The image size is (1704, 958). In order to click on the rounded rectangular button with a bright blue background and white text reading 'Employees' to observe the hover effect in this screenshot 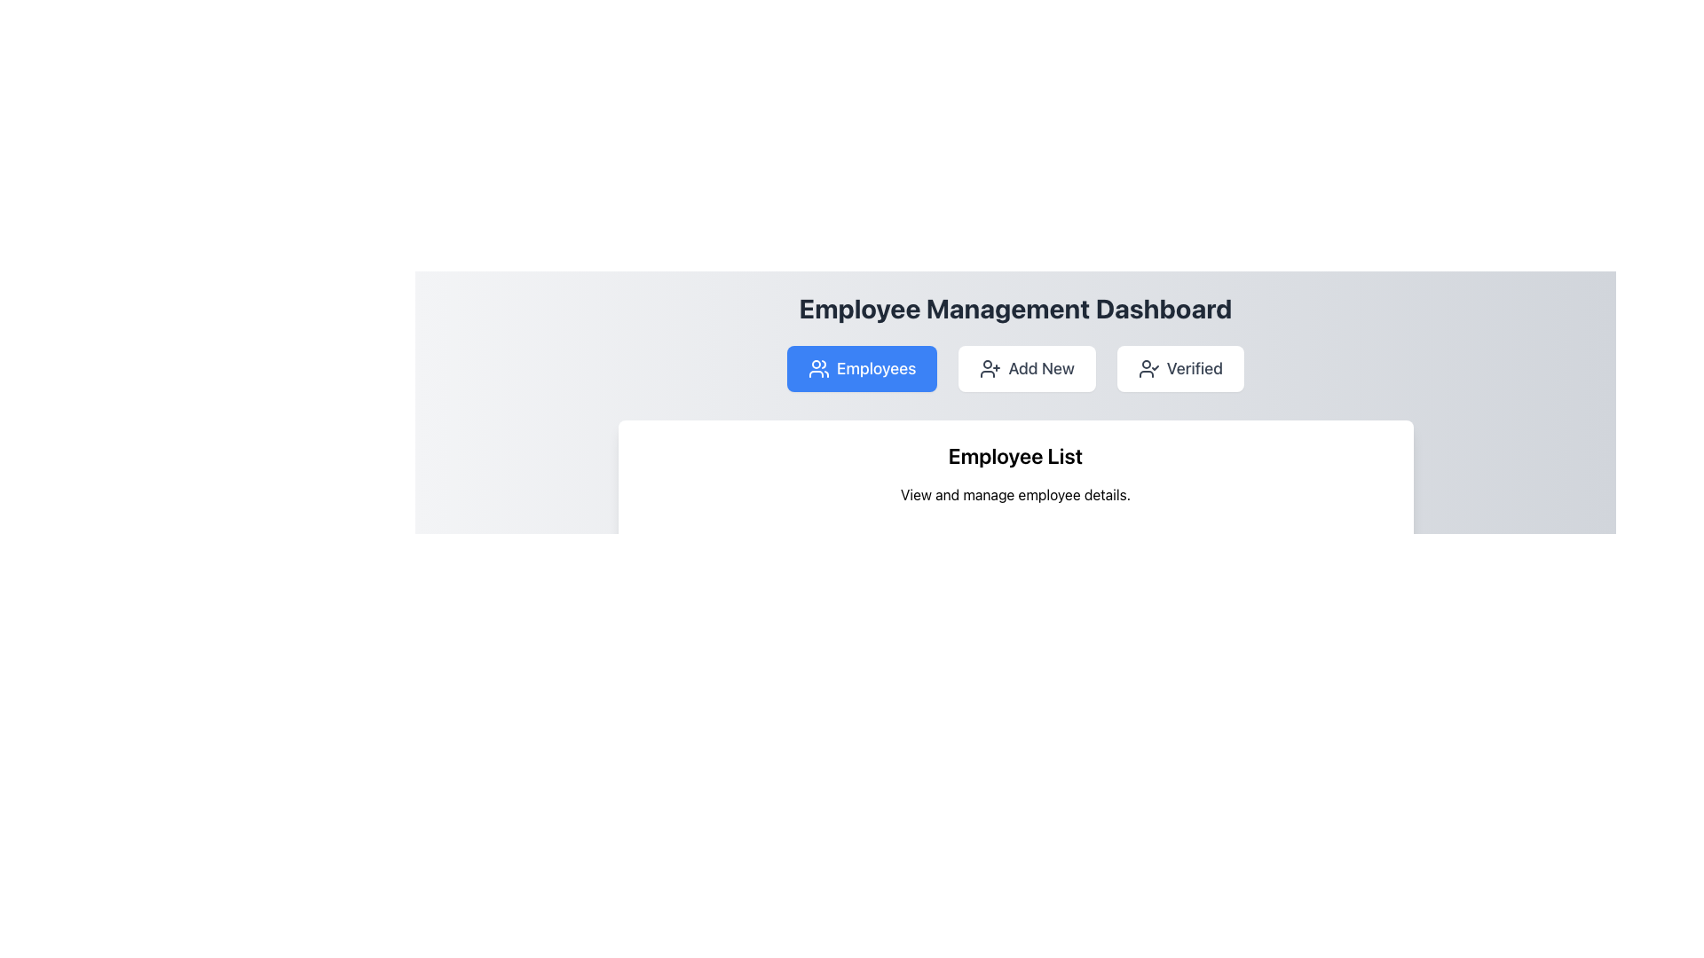, I will do `click(862, 368)`.